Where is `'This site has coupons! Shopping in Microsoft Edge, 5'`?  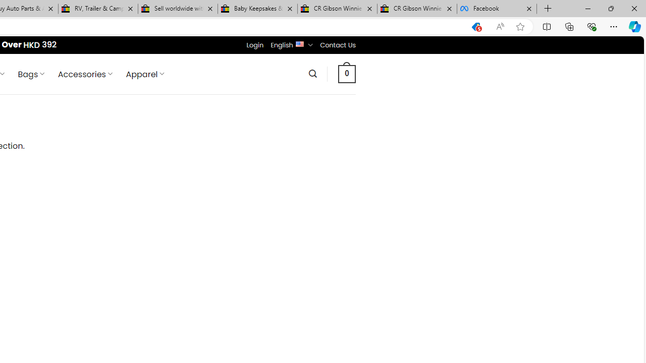
'This site has coupons! Shopping in Microsoft Edge, 5' is located at coordinates (475, 26).